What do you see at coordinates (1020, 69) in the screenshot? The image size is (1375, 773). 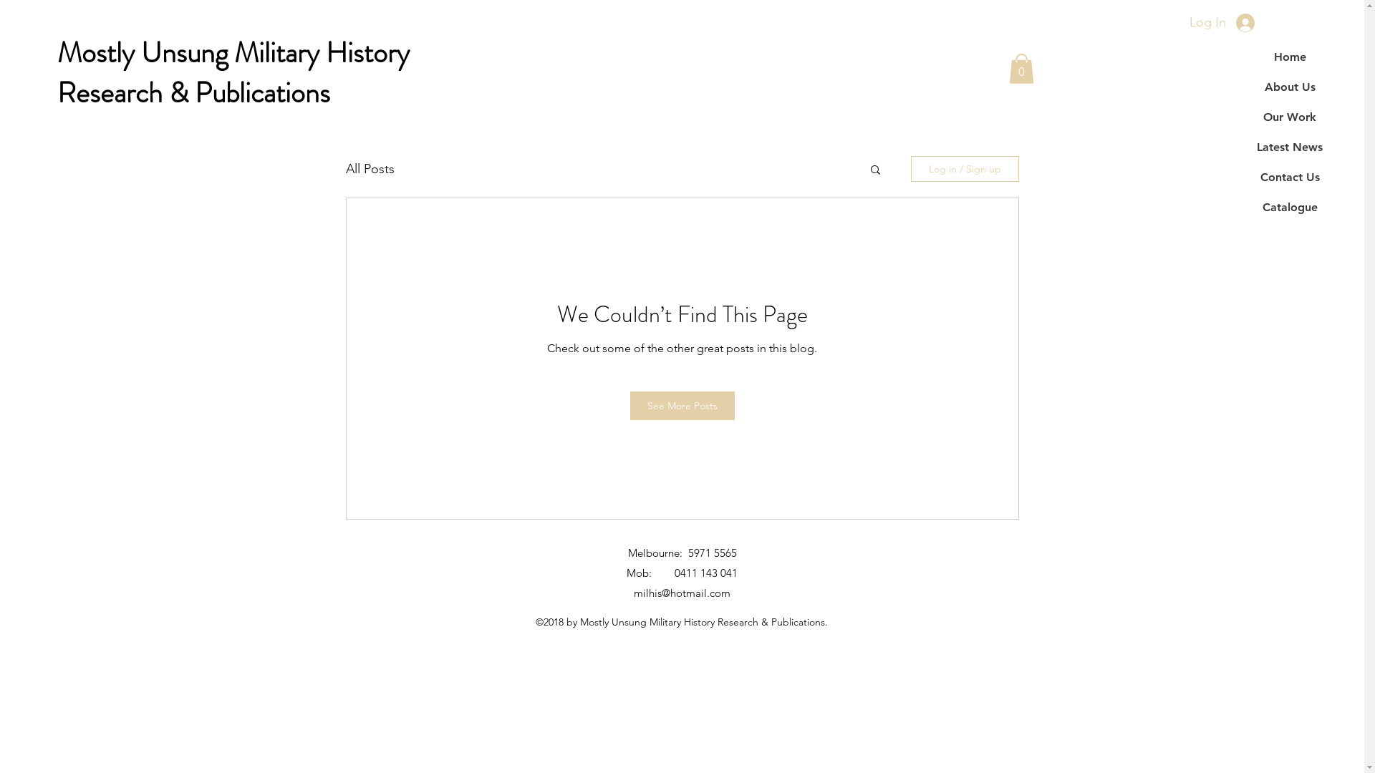 I see `'0'` at bounding box center [1020, 69].